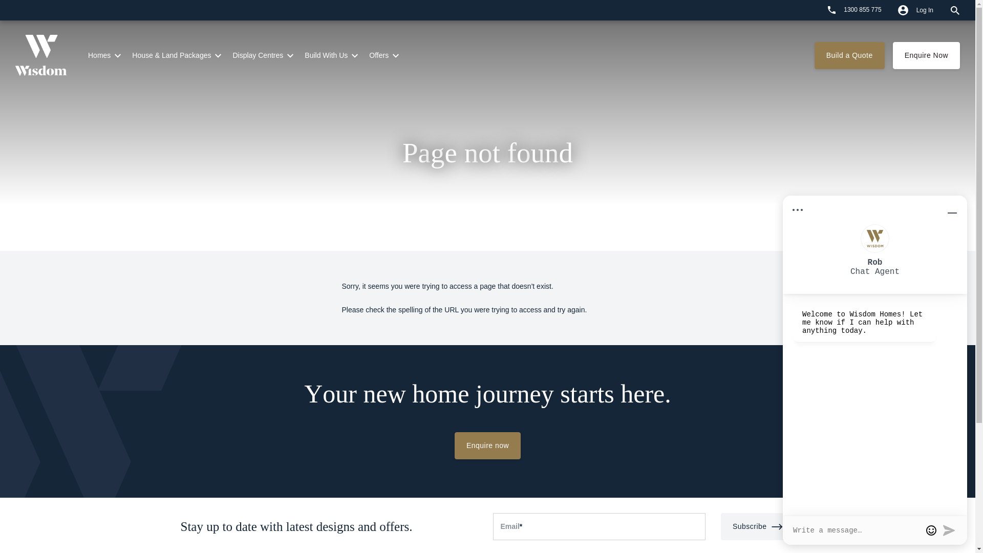 The image size is (983, 553). Describe the element at coordinates (99, 55) in the screenshot. I see `'Homes'` at that location.